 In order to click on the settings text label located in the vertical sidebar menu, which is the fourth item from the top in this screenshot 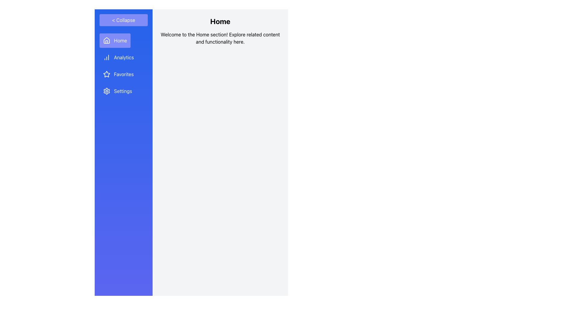, I will do `click(123, 91)`.